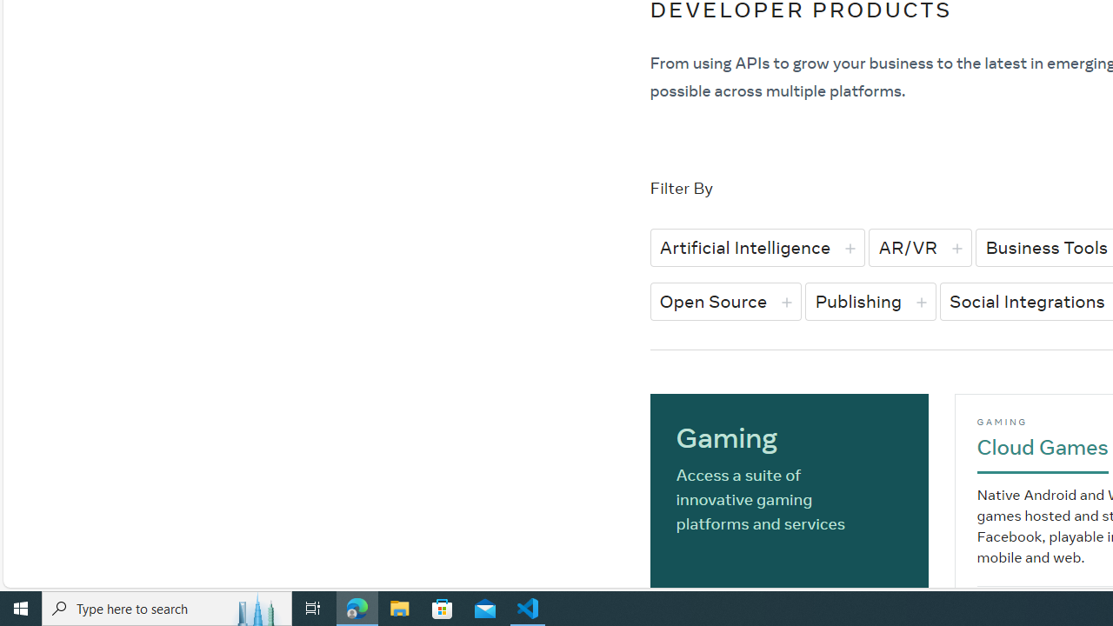  What do you see at coordinates (757, 247) in the screenshot?
I see `'Artificial Intelligence'` at bounding box center [757, 247].